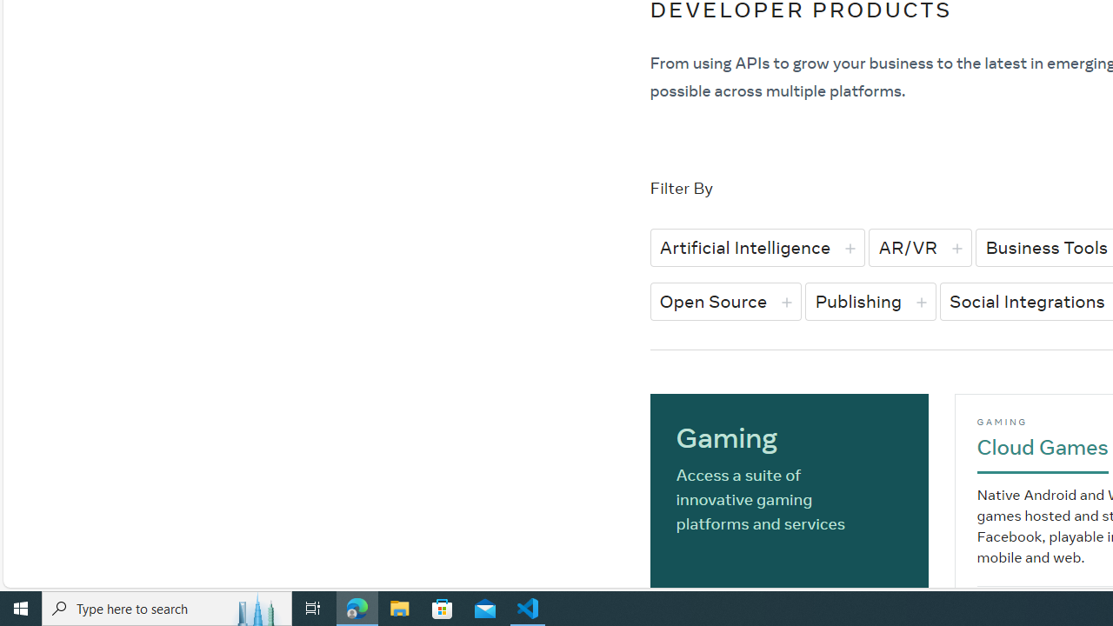  What do you see at coordinates (757, 247) in the screenshot?
I see `'Artificial Intelligence'` at bounding box center [757, 247].